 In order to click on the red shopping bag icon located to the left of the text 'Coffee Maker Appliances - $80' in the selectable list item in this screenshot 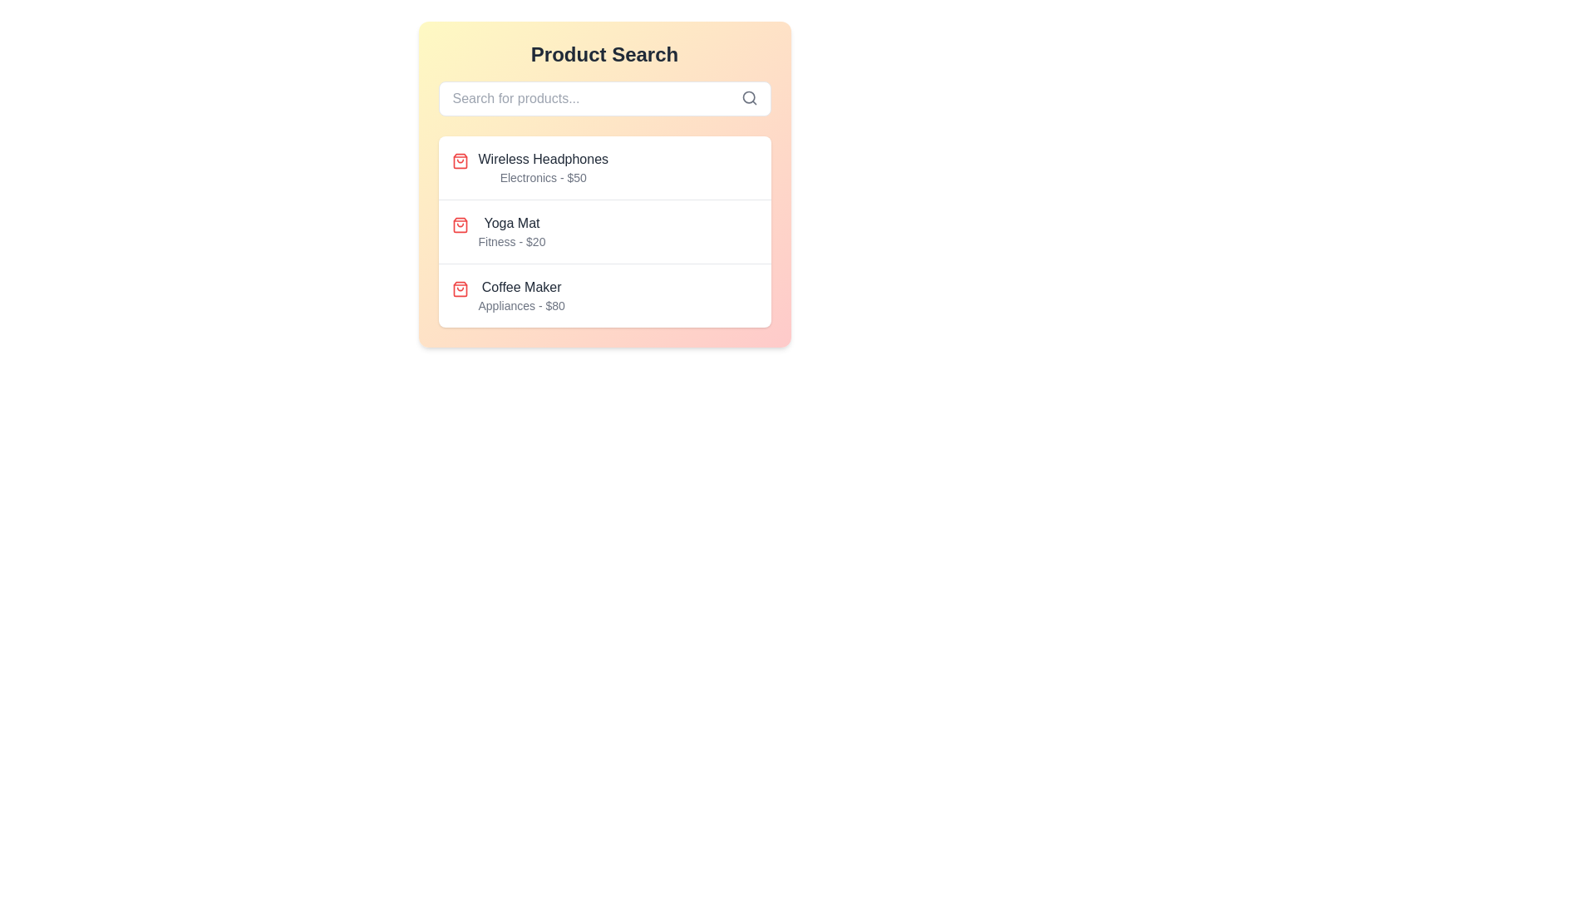, I will do `click(460, 288)`.